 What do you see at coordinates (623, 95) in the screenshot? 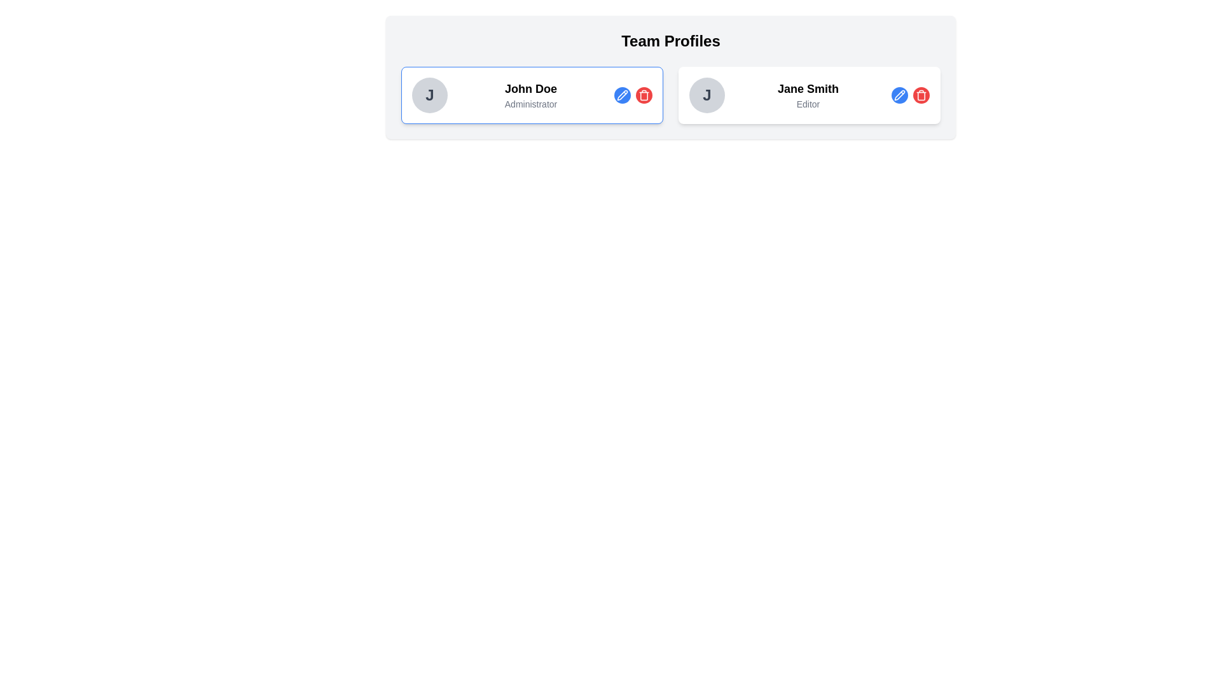
I see `the circular blue edit button with a white pencil icon located in the profile card between 'John Doe' and 'Jane Smith' to initiate edit functionality` at bounding box center [623, 95].